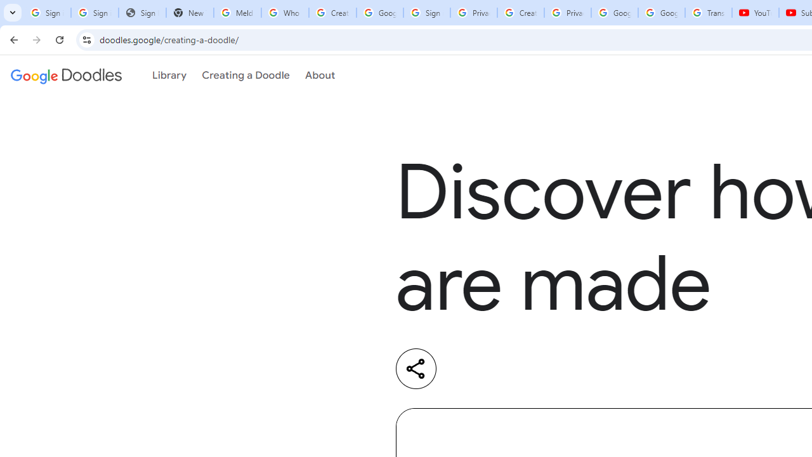  I want to click on 'Creating a Doodle', so click(246, 76).